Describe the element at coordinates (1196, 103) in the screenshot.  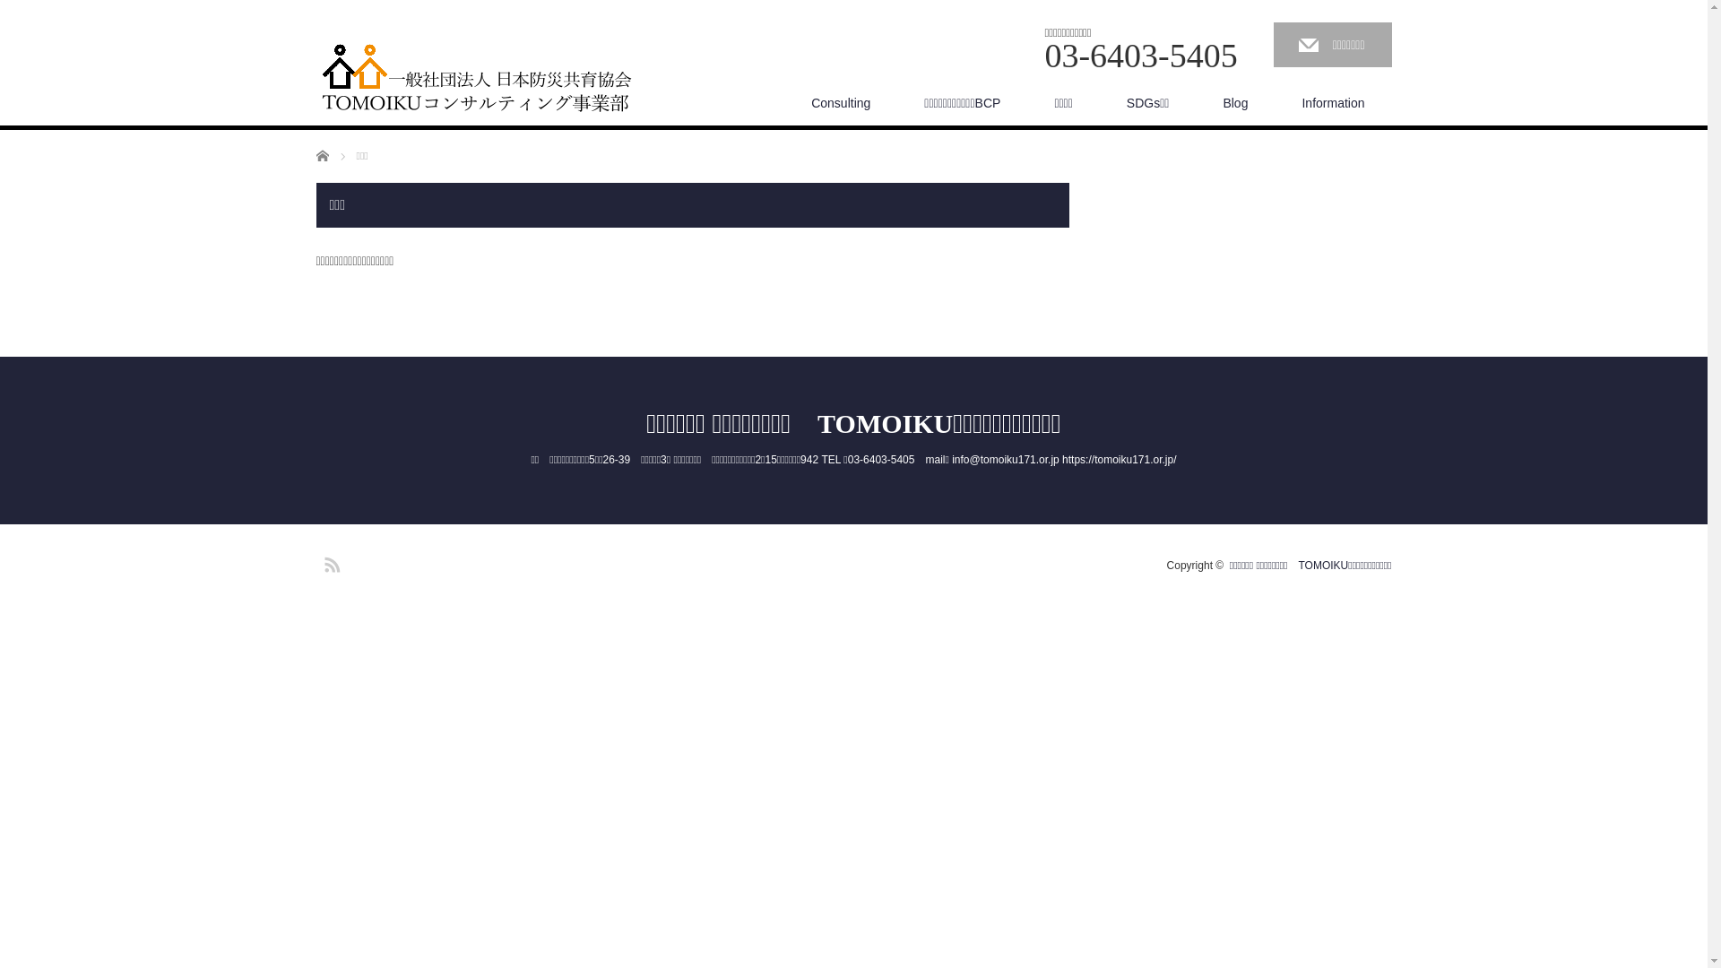
I see `'Blog'` at that location.